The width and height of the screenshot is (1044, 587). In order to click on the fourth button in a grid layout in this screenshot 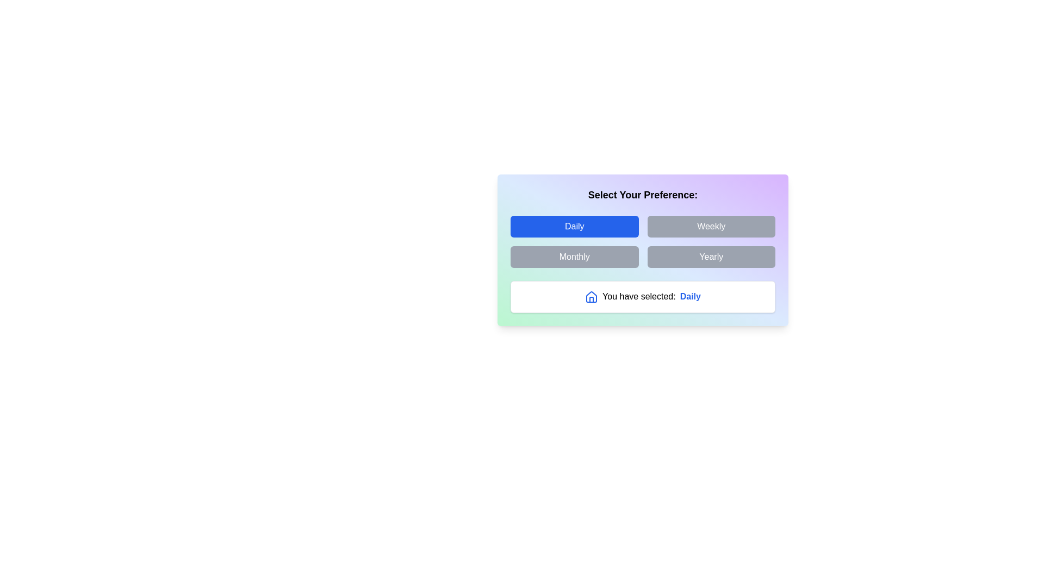, I will do `click(711, 257)`.